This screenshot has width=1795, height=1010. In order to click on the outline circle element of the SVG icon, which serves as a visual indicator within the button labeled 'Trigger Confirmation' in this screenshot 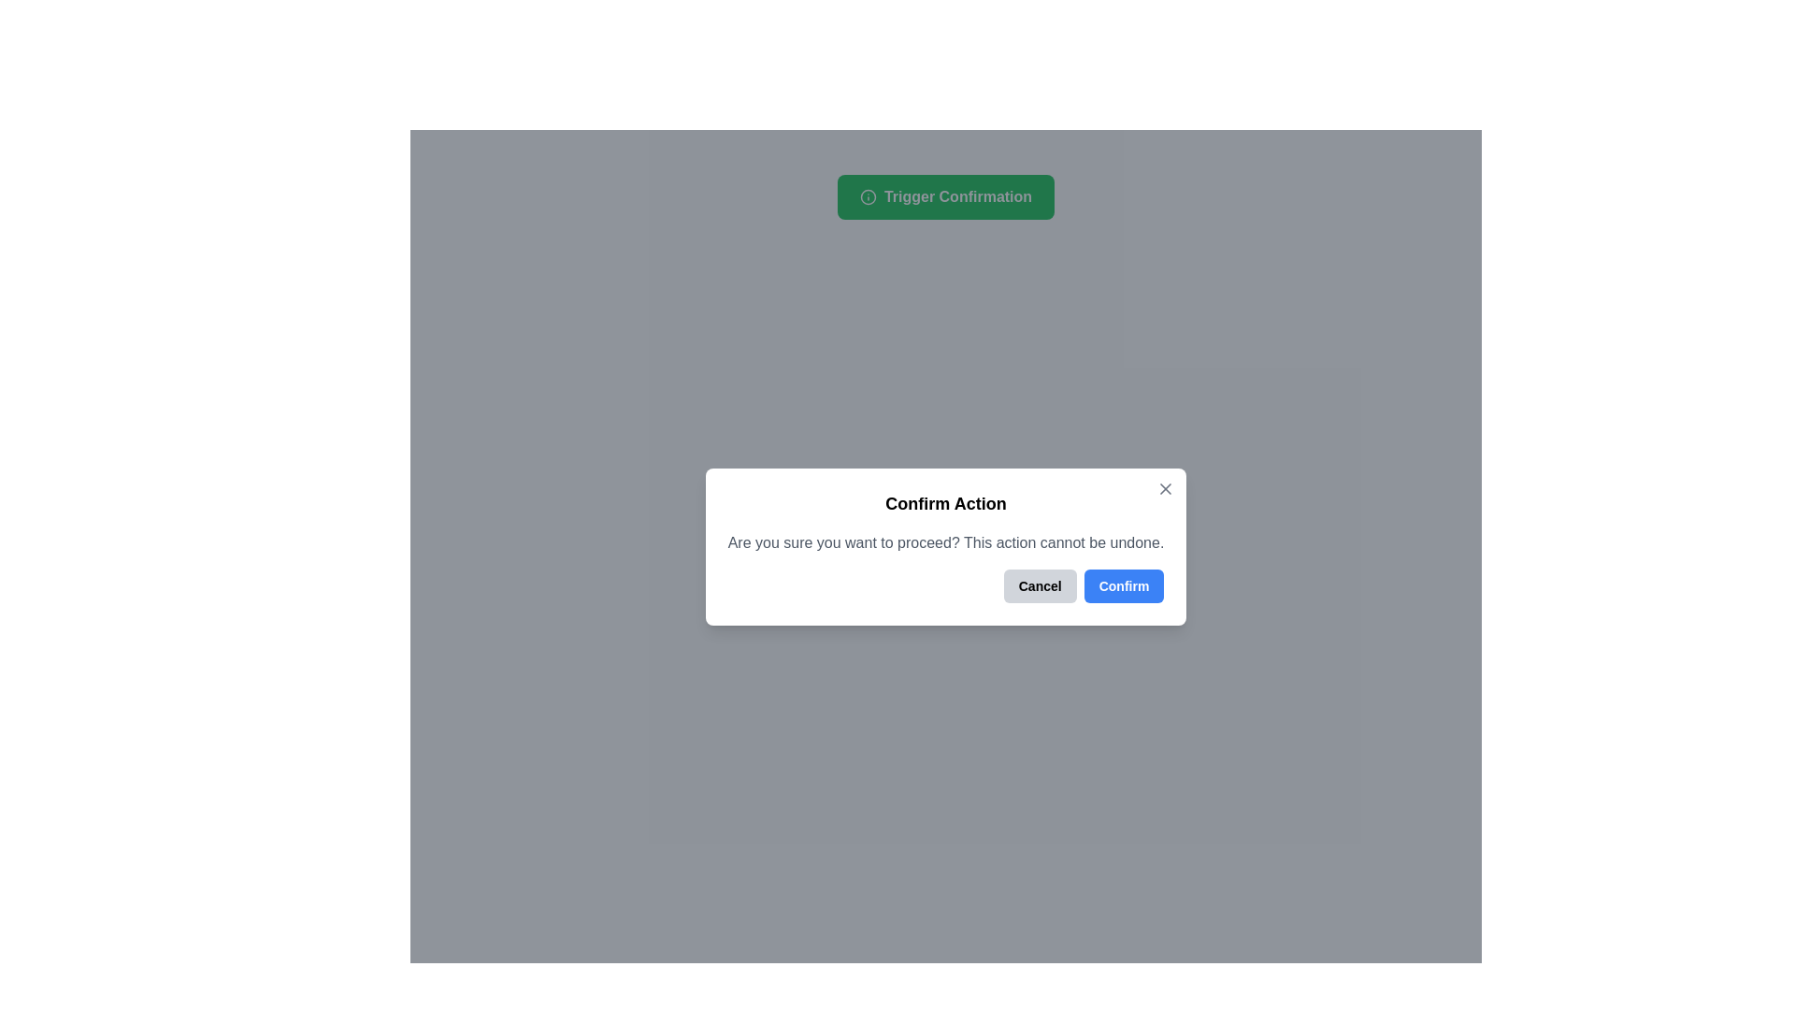, I will do `click(867, 197)`.